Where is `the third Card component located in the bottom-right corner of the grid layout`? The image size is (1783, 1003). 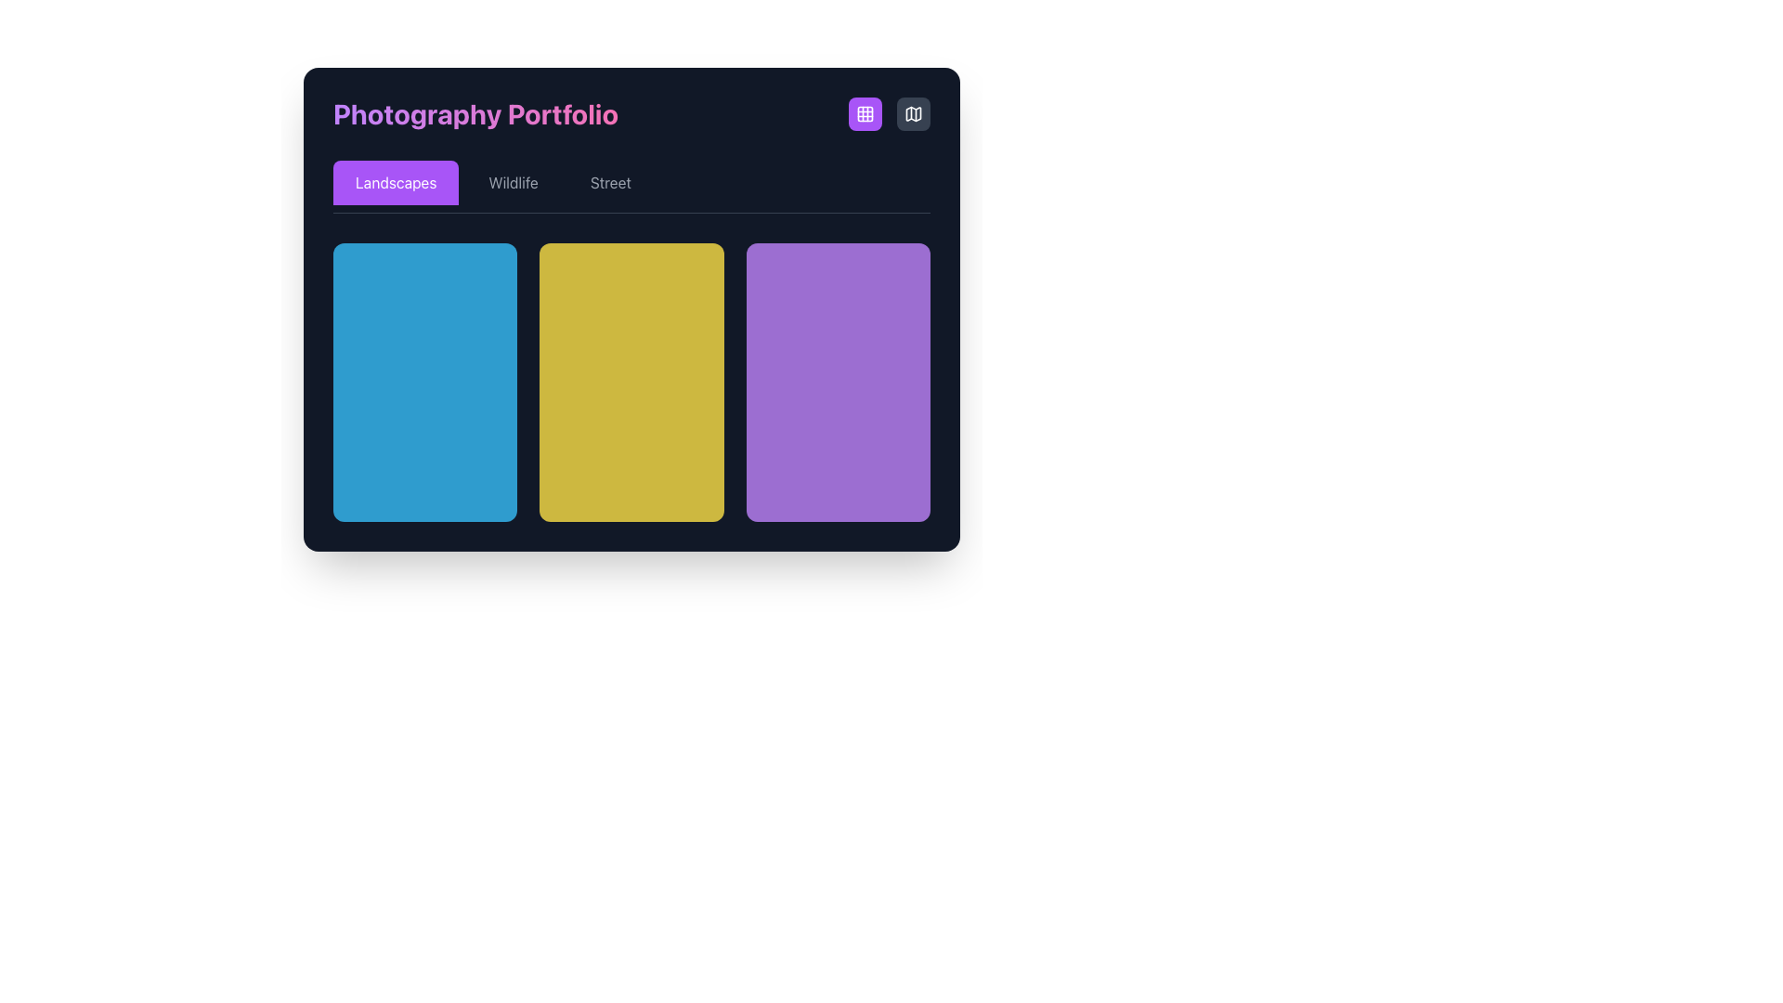
the third Card component located in the bottom-right corner of the grid layout is located at coordinates (837, 382).